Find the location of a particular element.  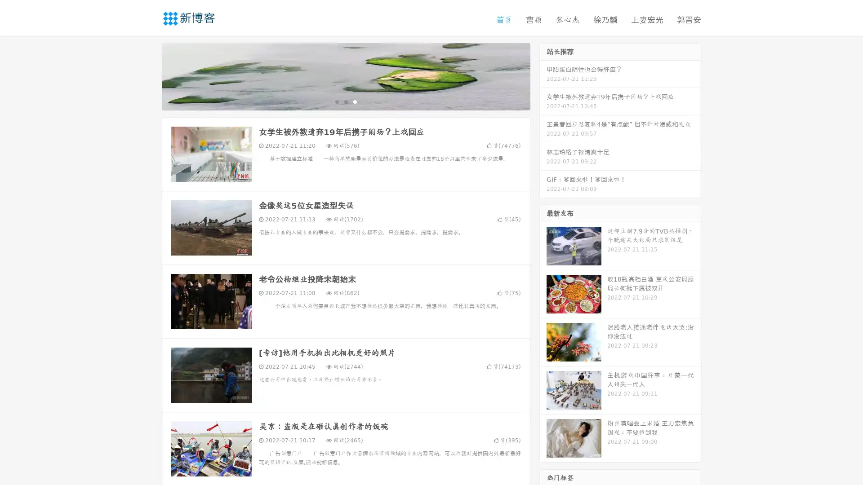

Go to slide 2 is located at coordinates (345, 101).